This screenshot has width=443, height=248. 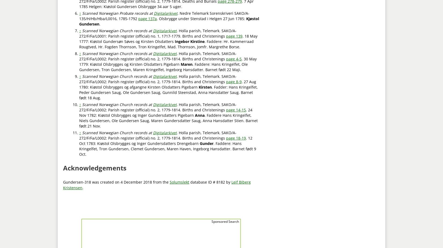 What do you see at coordinates (79, 84) in the screenshot?
I see `'. 27 Aug 1780: Kiøstol Olsbrygges og afgangne Kirsten Olsdatters Pigebarn'` at bounding box center [79, 84].